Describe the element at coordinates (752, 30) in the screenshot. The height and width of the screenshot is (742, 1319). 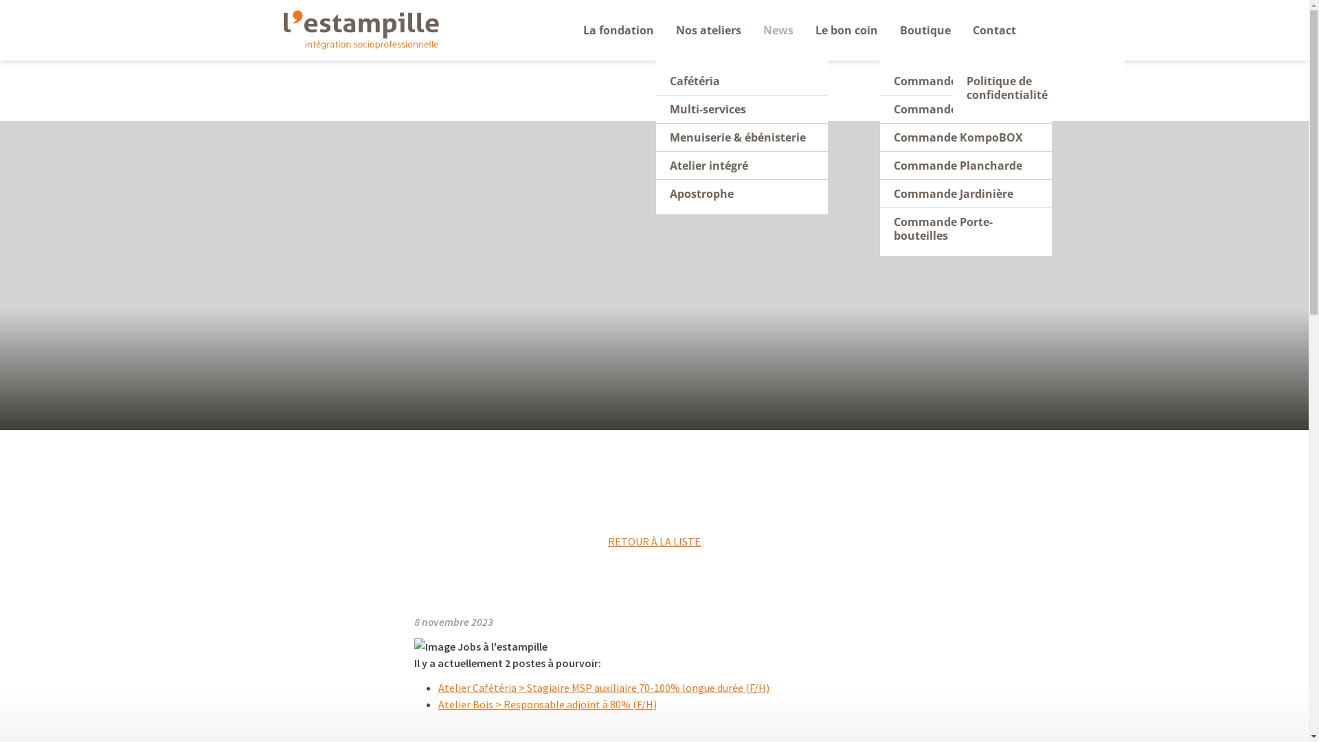
I see `'News'` at that location.